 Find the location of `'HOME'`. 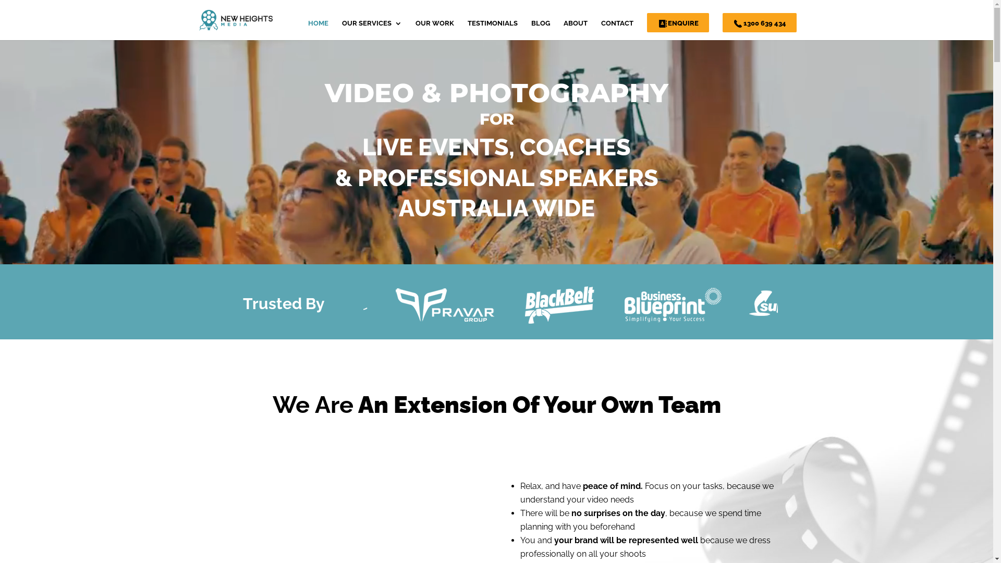

'HOME' is located at coordinates (317, 29).